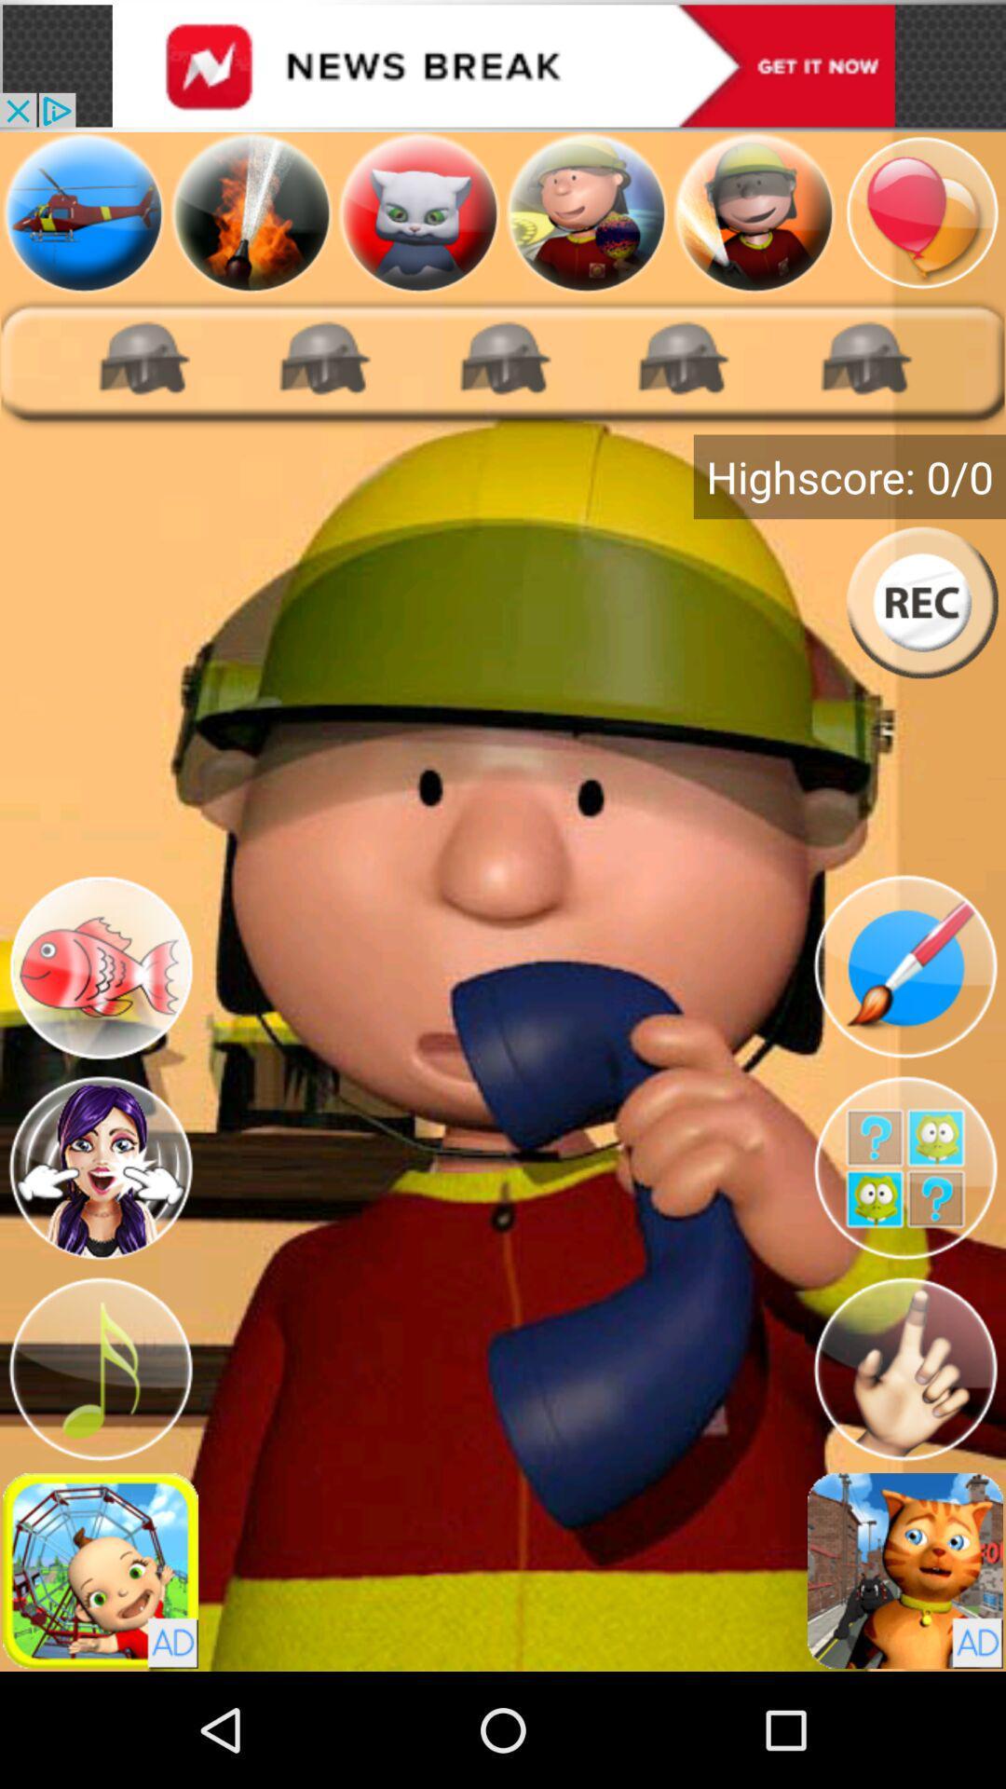 The height and width of the screenshot is (1789, 1006). What do you see at coordinates (101, 1167) in the screenshot?
I see `touch character 's face` at bounding box center [101, 1167].